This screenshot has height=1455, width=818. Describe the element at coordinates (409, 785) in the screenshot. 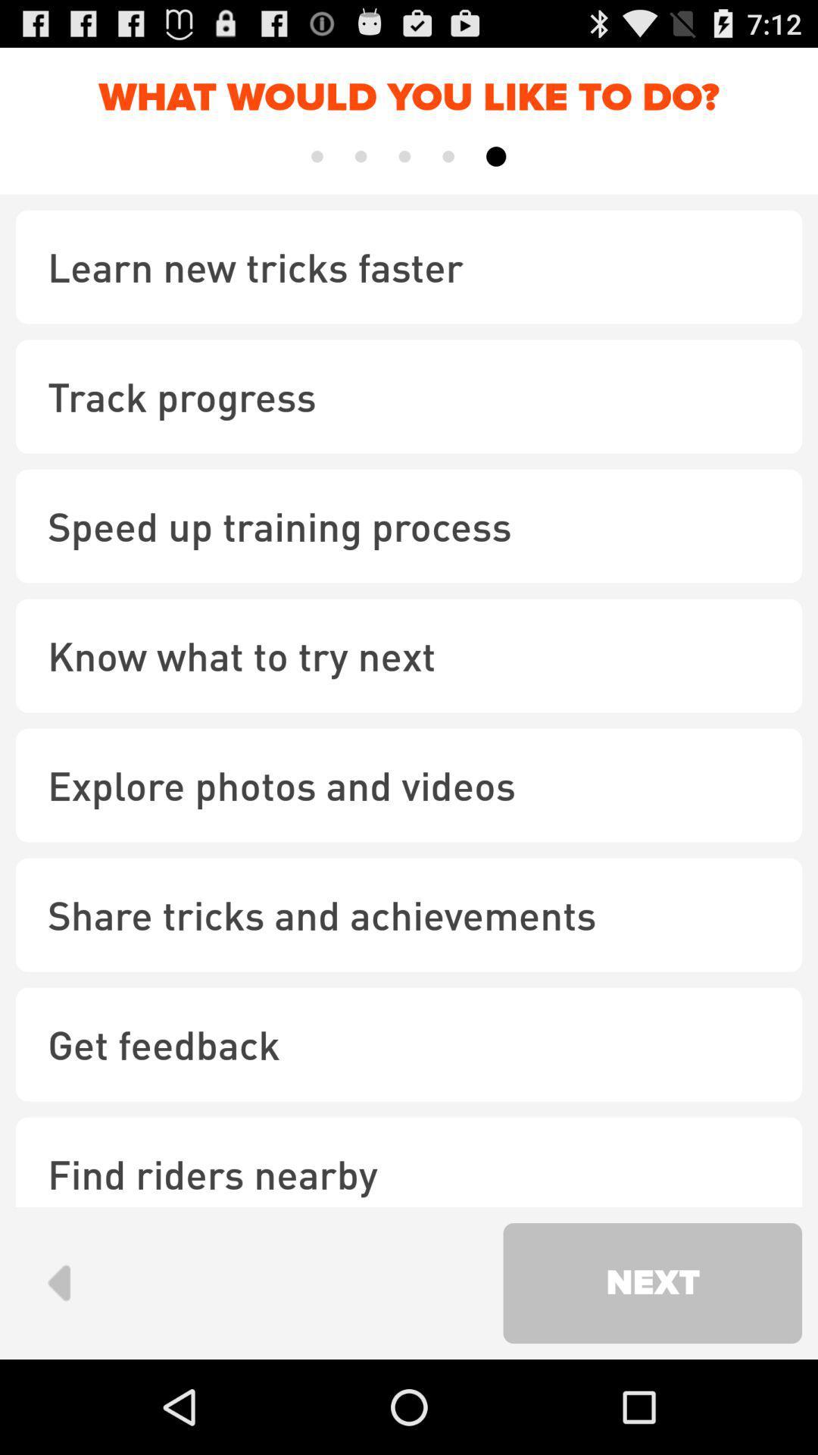

I see `the item below the know what to checkbox` at that location.